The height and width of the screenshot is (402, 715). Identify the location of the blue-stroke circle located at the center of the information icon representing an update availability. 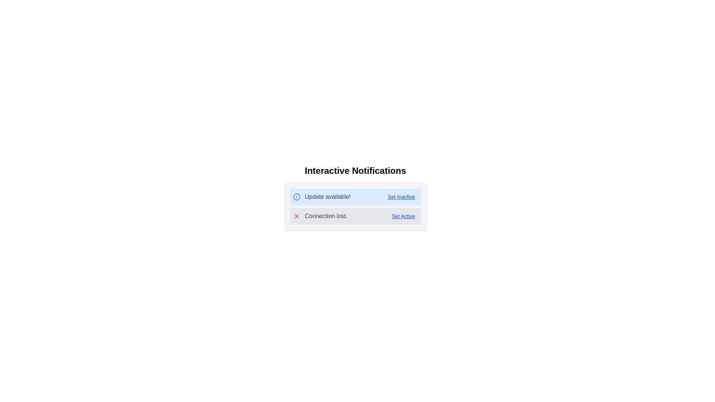
(296, 196).